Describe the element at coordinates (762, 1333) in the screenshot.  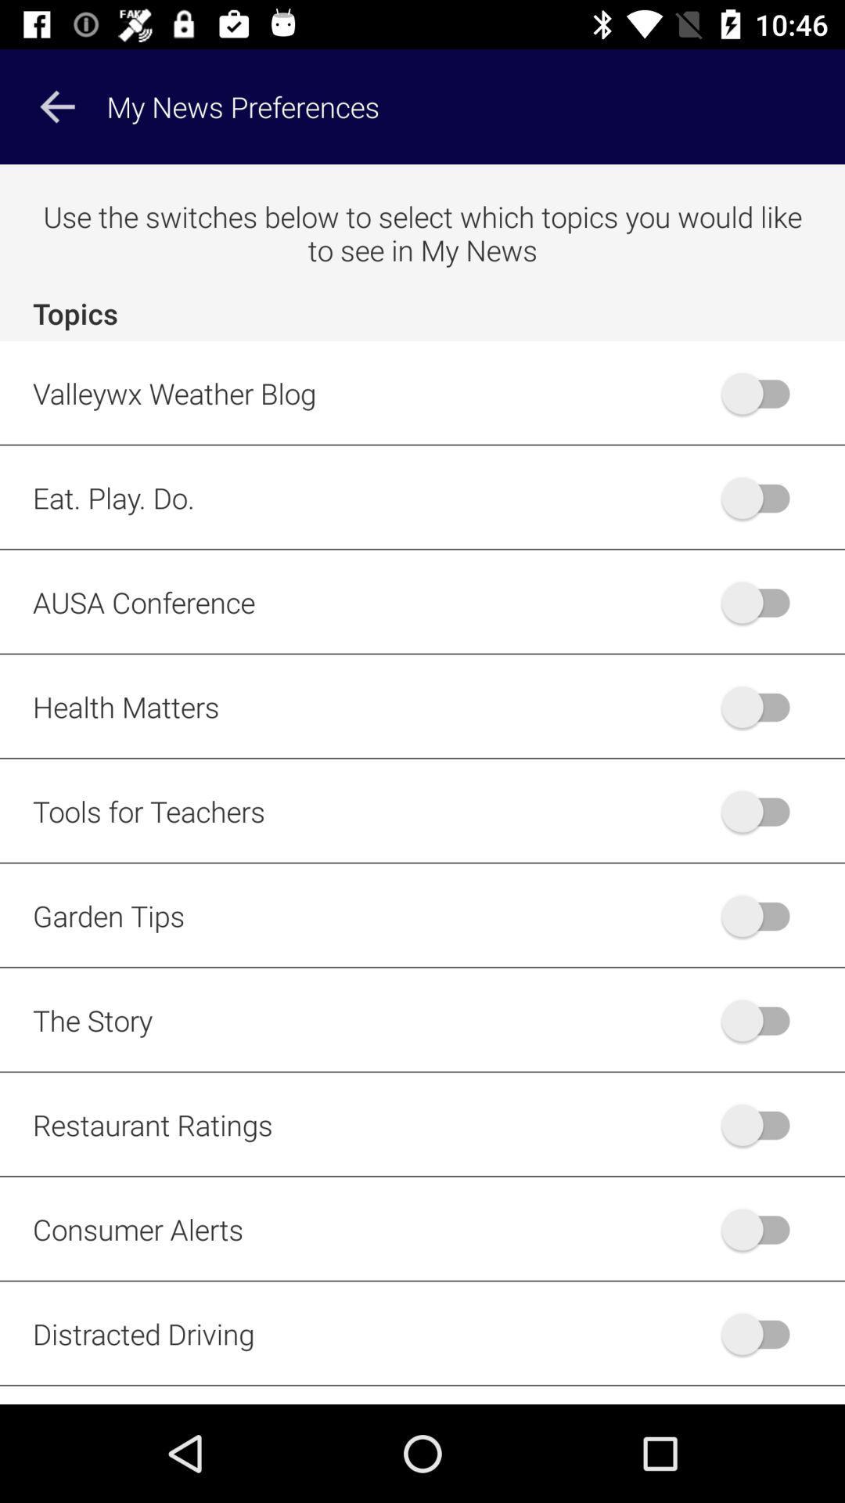
I see `distracted driving` at that location.